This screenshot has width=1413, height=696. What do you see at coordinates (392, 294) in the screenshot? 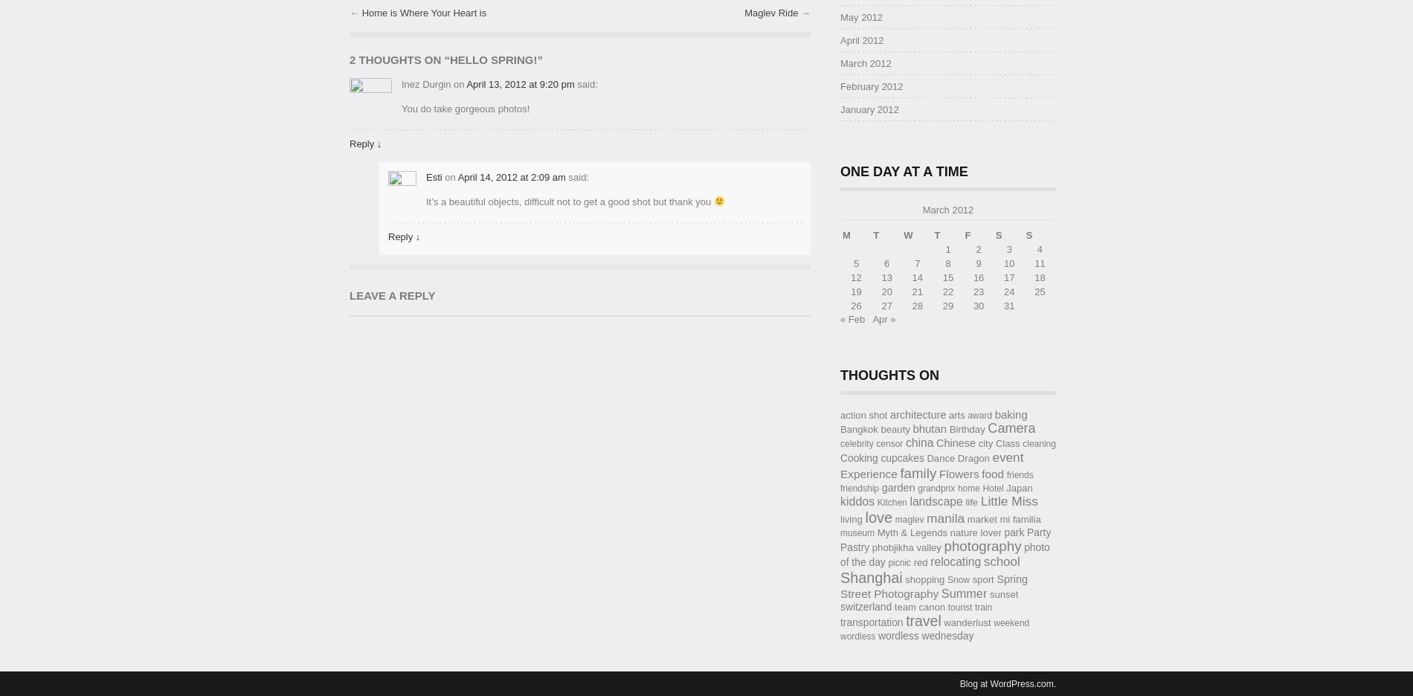
I see `'Leave a Reply'` at bounding box center [392, 294].